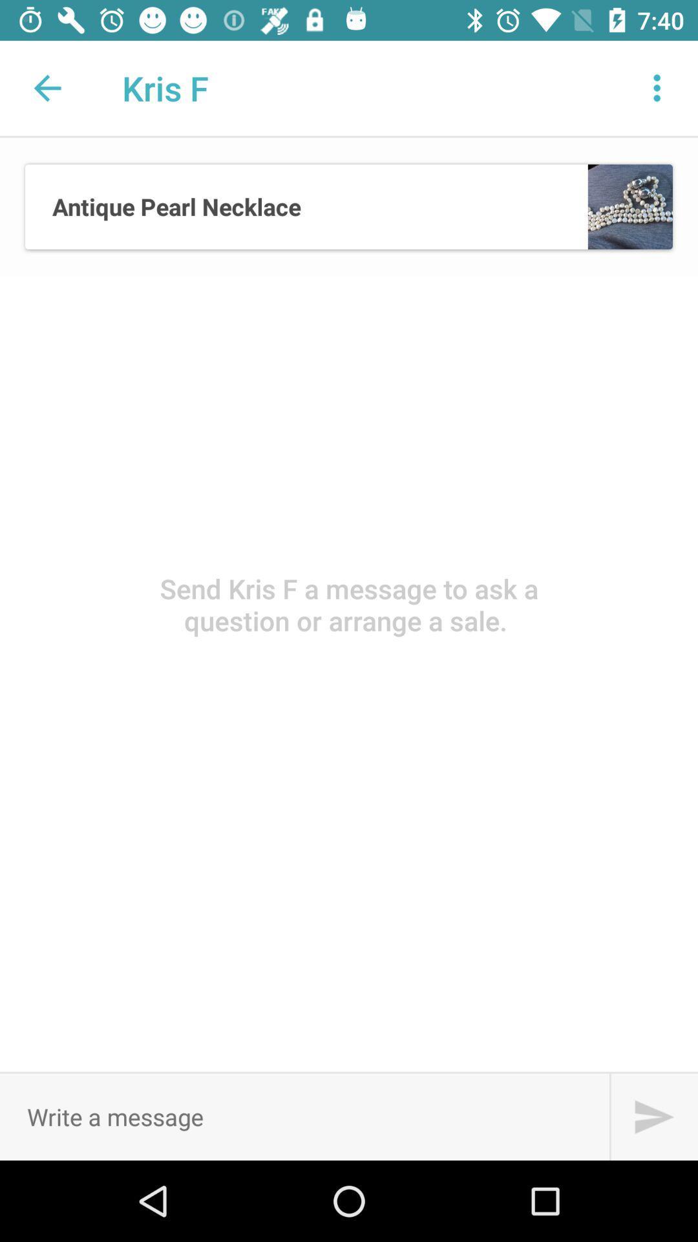 This screenshot has width=698, height=1242. What do you see at coordinates (657, 87) in the screenshot?
I see `more options` at bounding box center [657, 87].